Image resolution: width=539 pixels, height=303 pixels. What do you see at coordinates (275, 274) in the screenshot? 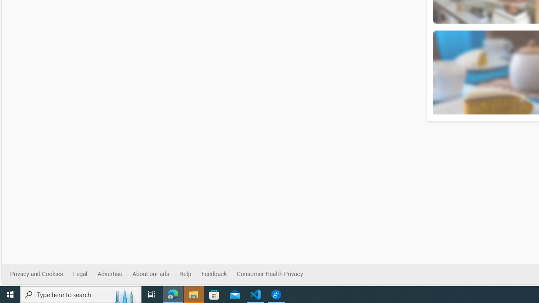
I see `'Consumer Health Privacy'` at bounding box center [275, 274].